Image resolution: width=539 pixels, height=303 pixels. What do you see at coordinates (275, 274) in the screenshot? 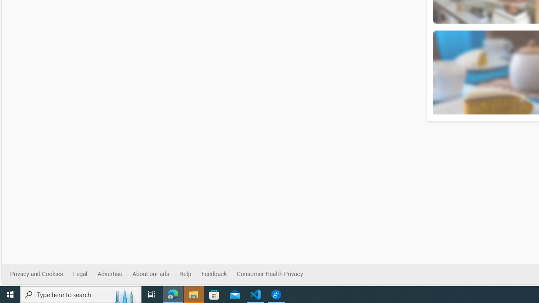
I see `'Consumer Health Privacy'` at bounding box center [275, 274].